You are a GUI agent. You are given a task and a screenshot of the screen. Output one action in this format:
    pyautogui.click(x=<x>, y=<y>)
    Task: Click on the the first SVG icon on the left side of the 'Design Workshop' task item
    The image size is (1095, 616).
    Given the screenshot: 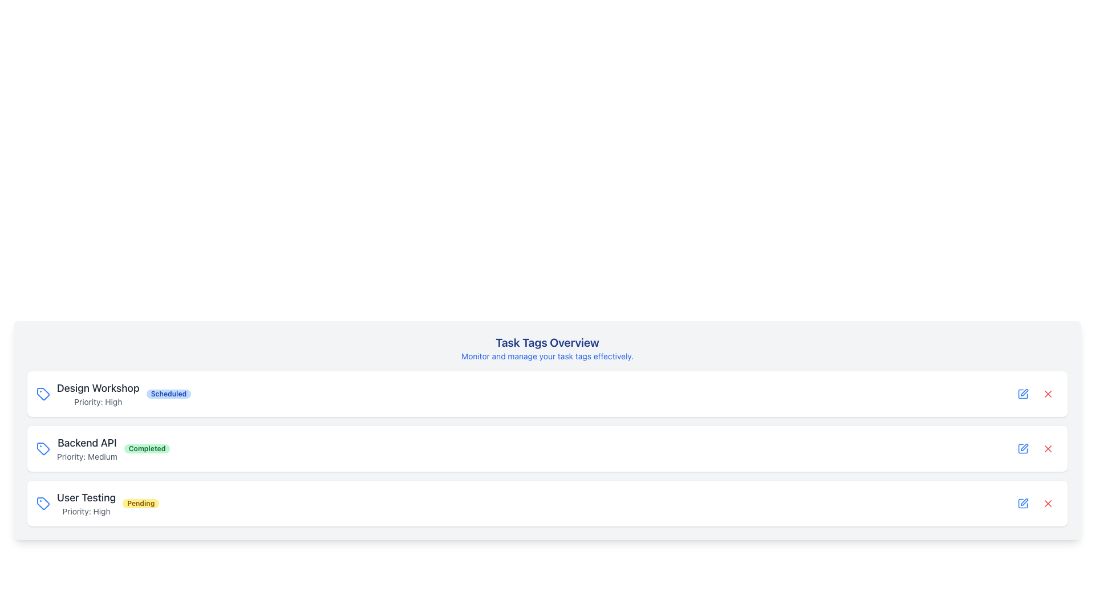 What is the action you would take?
    pyautogui.click(x=43, y=393)
    